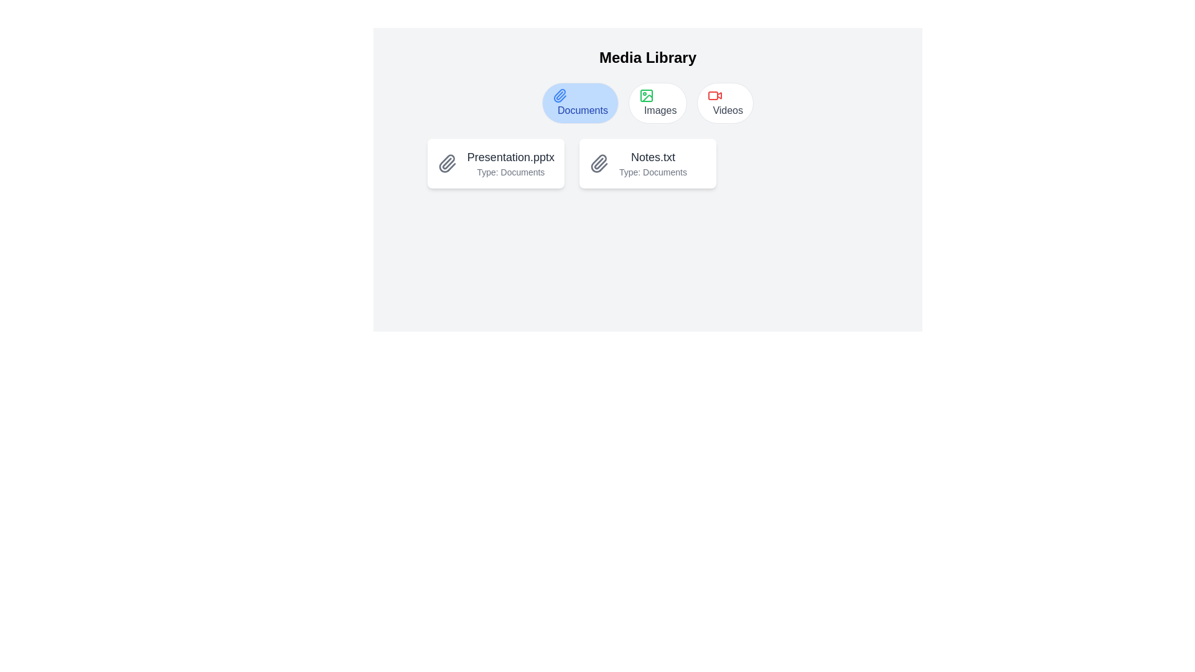 Image resolution: width=1195 pixels, height=672 pixels. I want to click on the blue paperclip icon located inside the rounded blue pill-shaped button labeled 'Documents', positioned to the left of the text, so click(559, 95).